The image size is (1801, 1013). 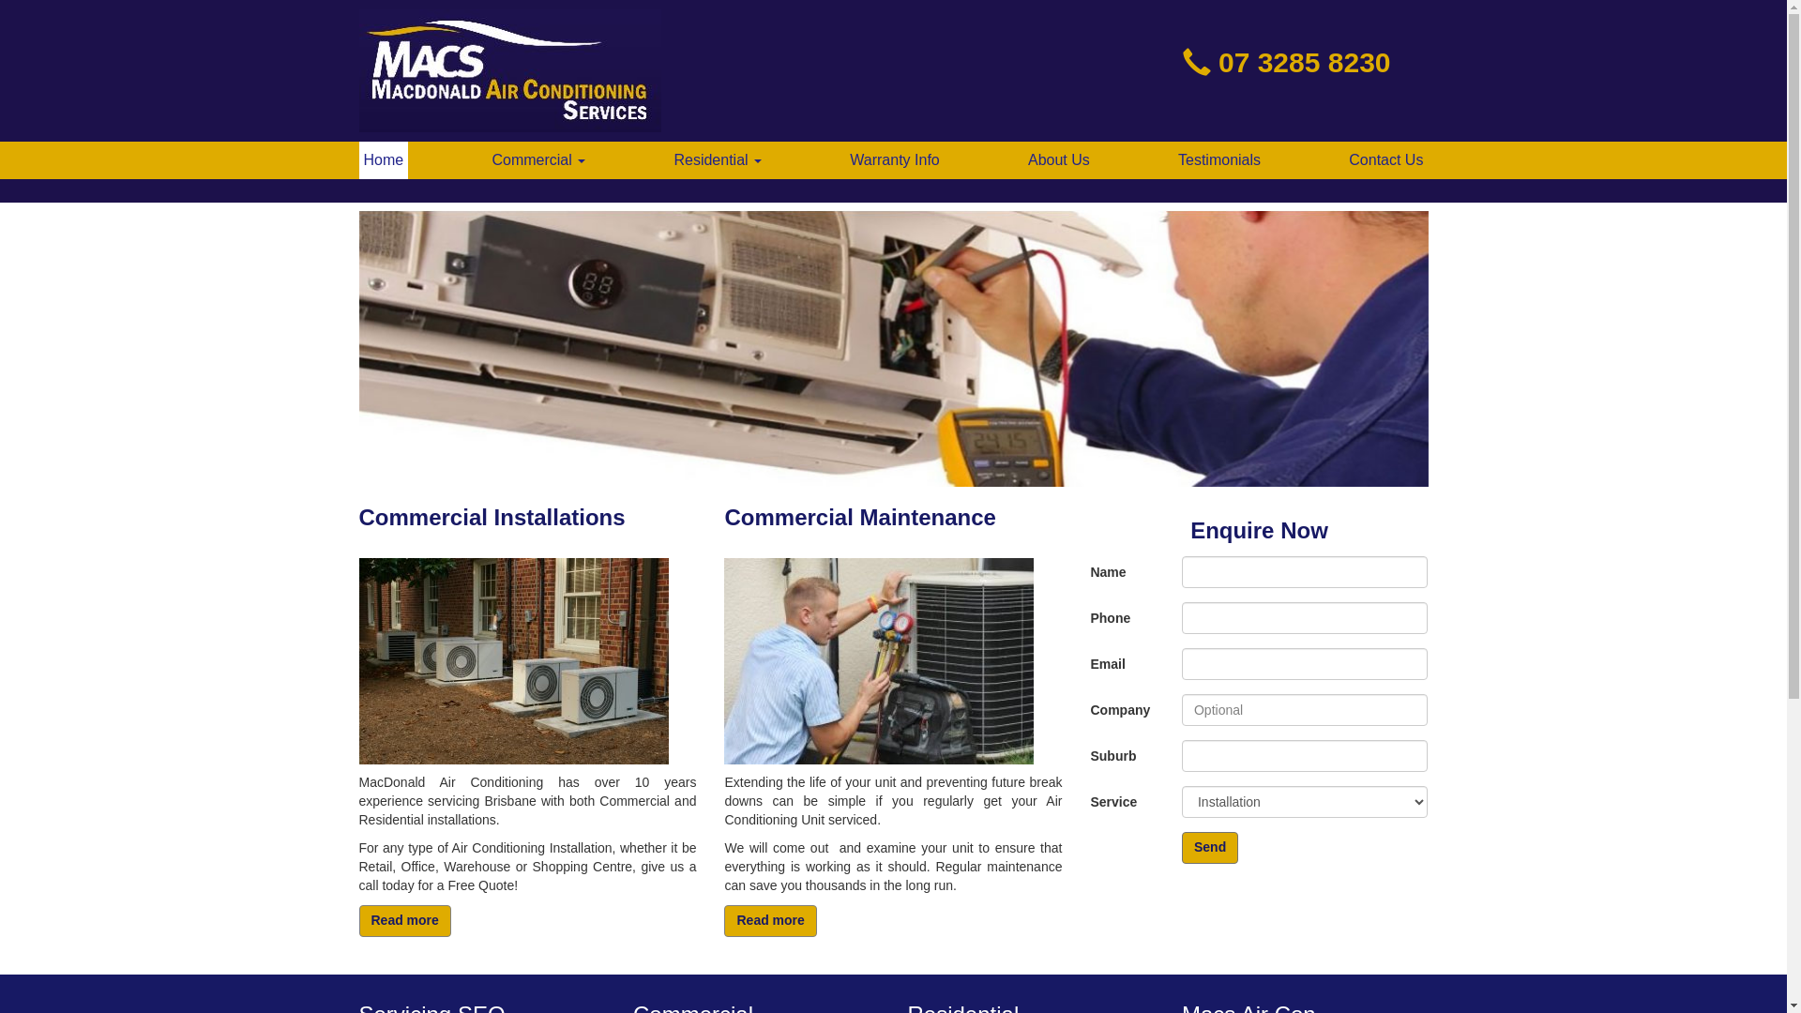 What do you see at coordinates (1218, 61) in the screenshot?
I see `'07 3285 8230'` at bounding box center [1218, 61].